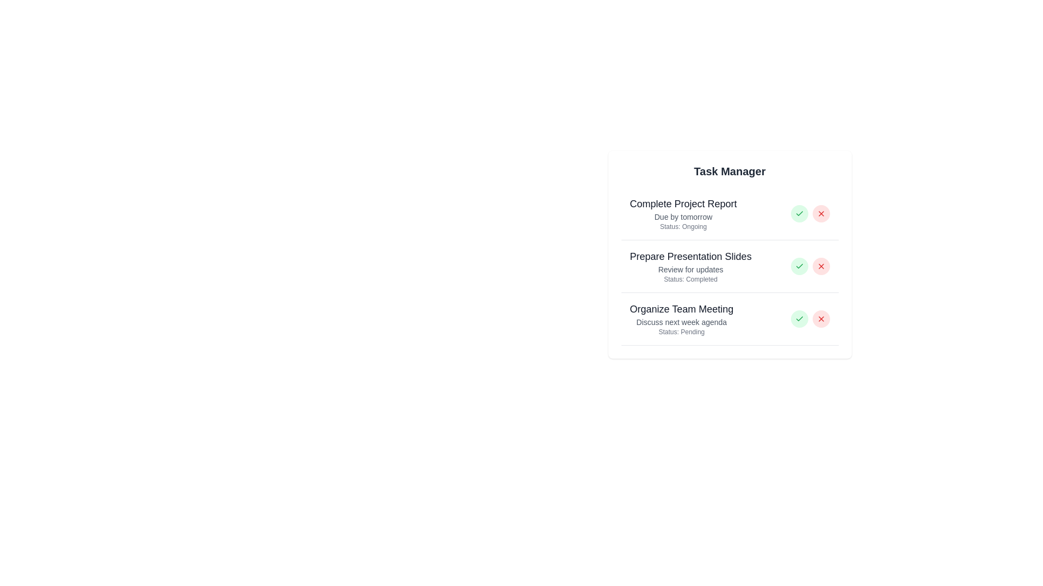  I want to click on the confirmation button located in the first row of the 'Task Manager' interface, adjacent to the task name 'Complete Project Report', to observe its tooltip or effect, so click(799, 213).